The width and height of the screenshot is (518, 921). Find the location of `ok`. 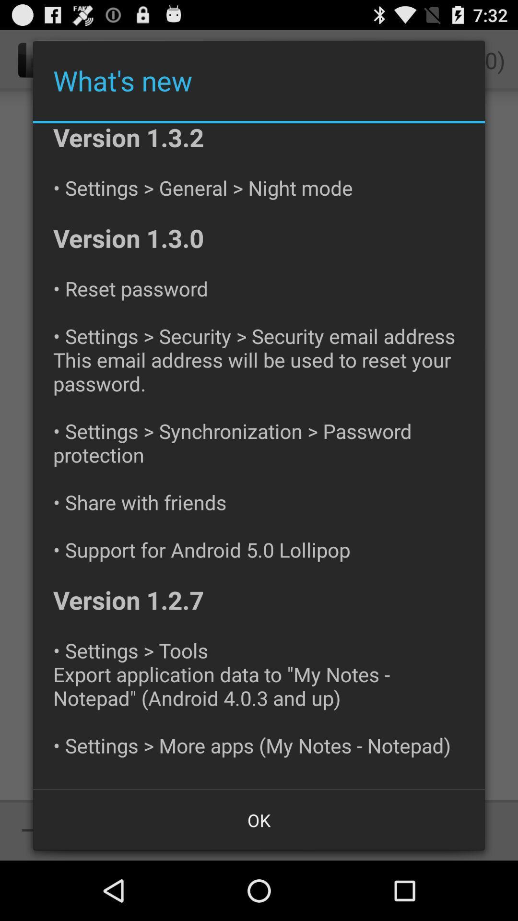

ok is located at coordinates (259, 819).